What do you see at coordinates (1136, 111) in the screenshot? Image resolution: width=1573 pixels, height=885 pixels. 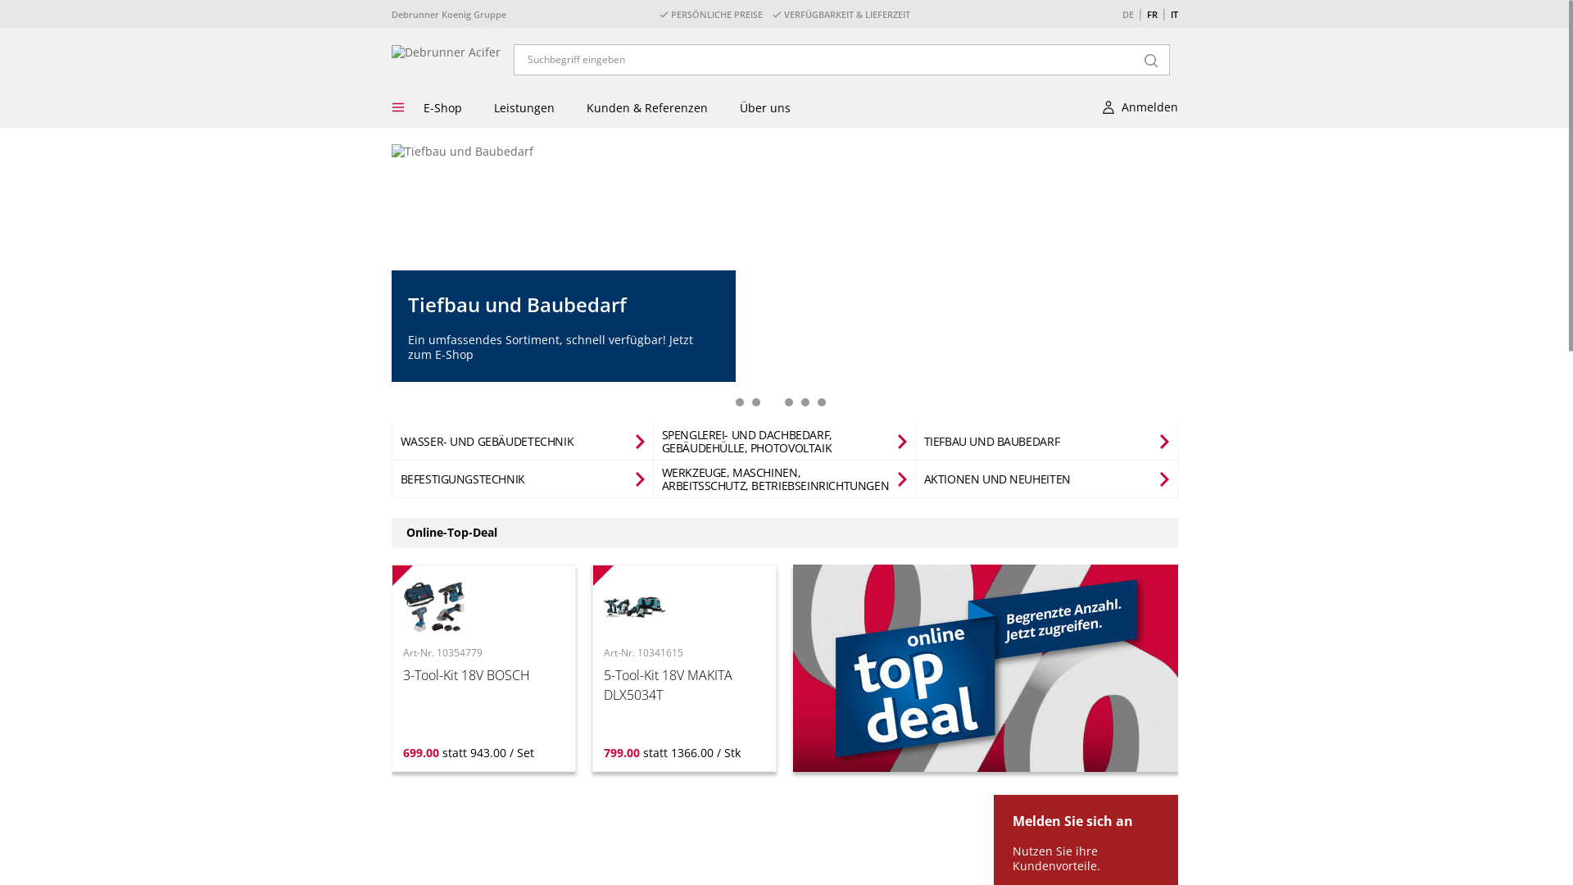 I see `'Anmelden'` at bounding box center [1136, 111].